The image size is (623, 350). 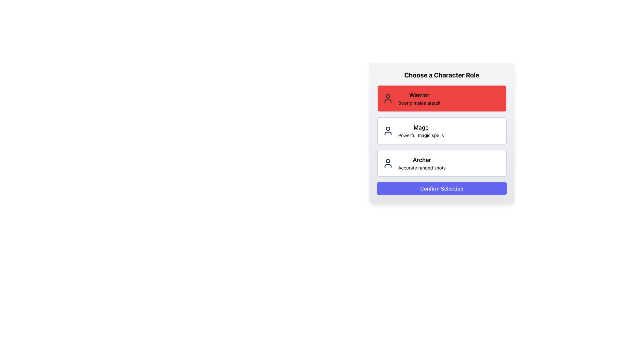 What do you see at coordinates (388, 99) in the screenshot?
I see `the red rectangular background of the person icon` at bounding box center [388, 99].